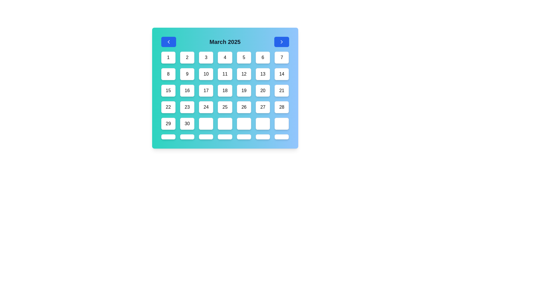 This screenshot has width=548, height=308. What do you see at coordinates (206, 57) in the screenshot?
I see `the Date tile displaying '3' in the calendar interface` at bounding box center [206, 57].